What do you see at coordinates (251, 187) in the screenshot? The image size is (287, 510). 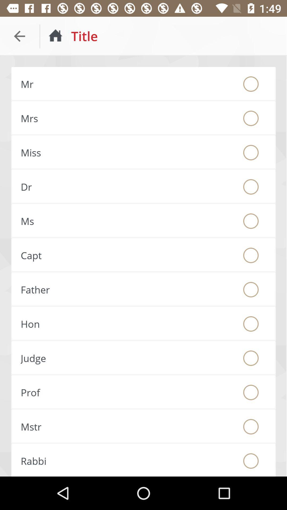 I see `dr title` at bounding box center [251, 187].